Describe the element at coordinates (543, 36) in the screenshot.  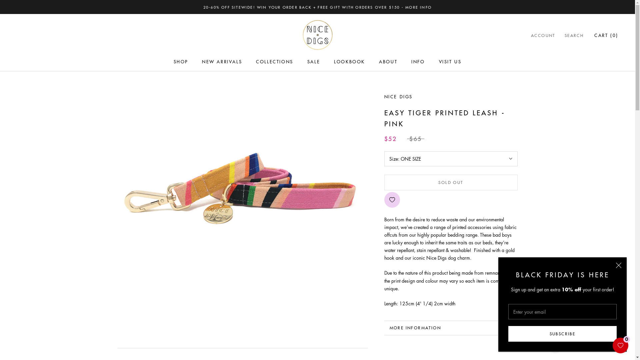
I see `'ACCOUNT'` at that location.